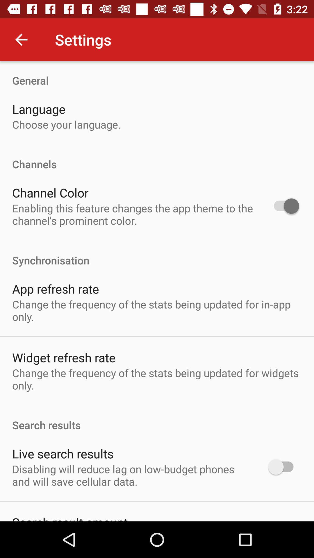 The width and height of the screenshot is (314, 558). I want to click on the icon below the language item, so click(66, 124).